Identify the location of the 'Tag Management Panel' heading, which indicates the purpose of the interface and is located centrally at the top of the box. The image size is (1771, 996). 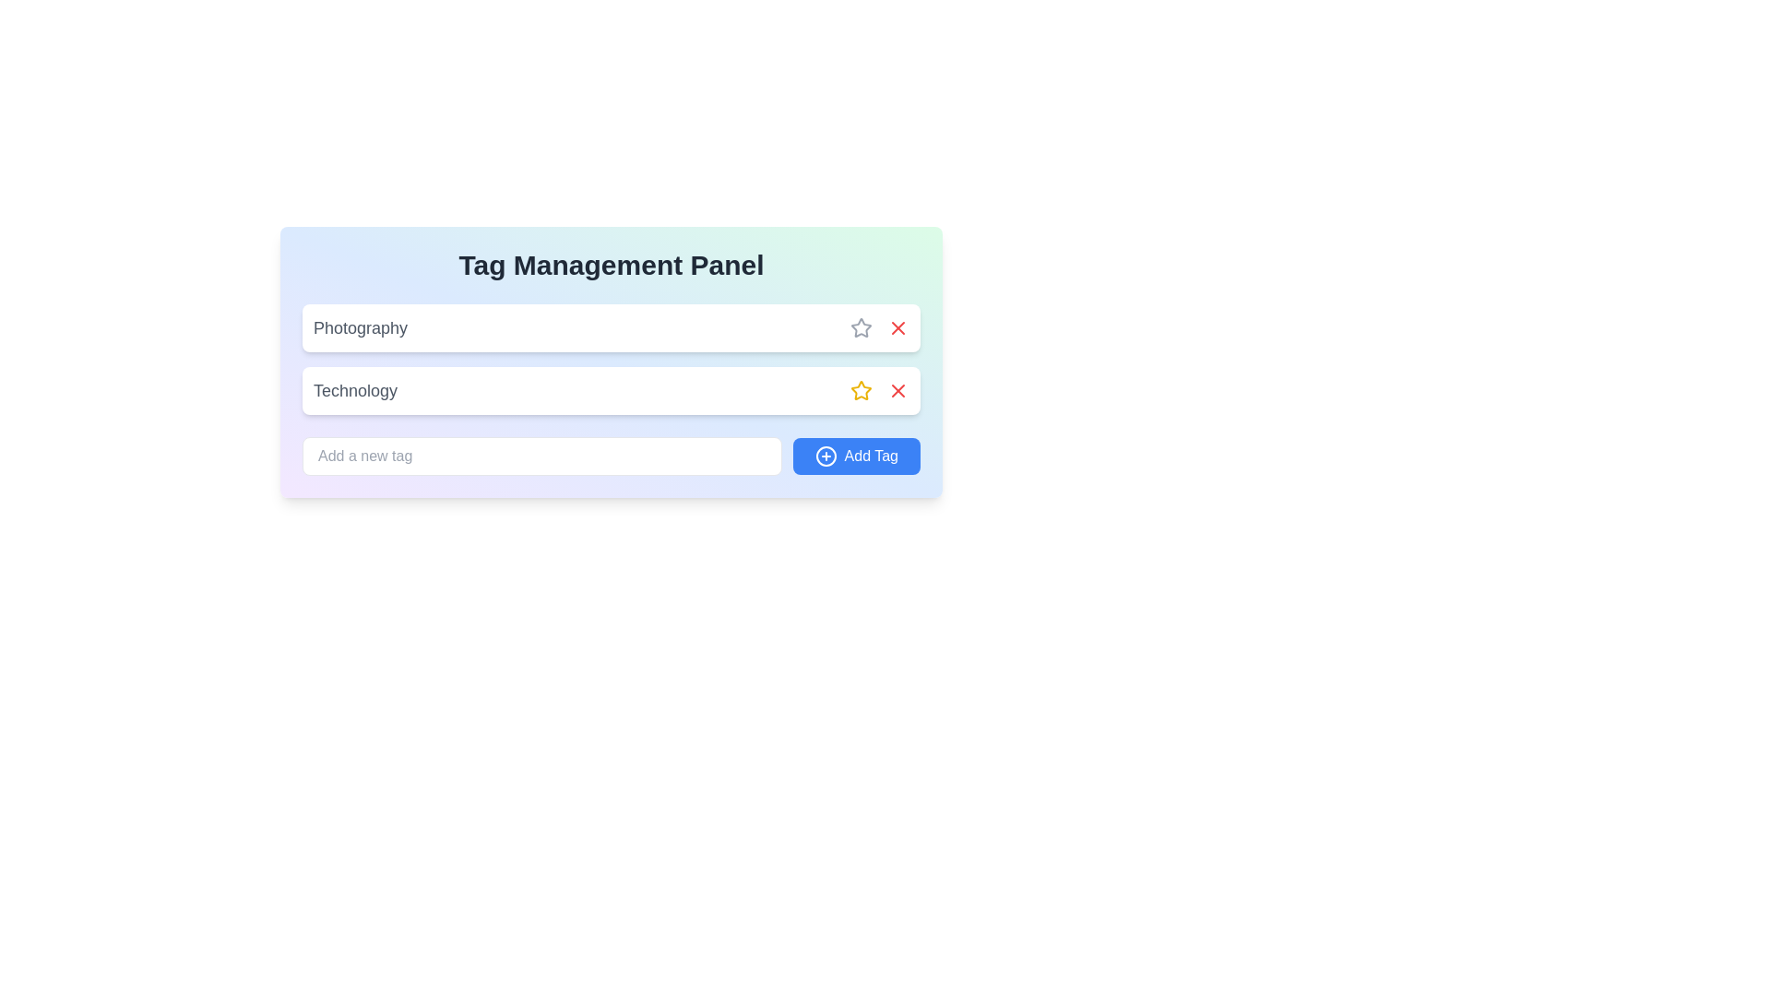
(611, 266).